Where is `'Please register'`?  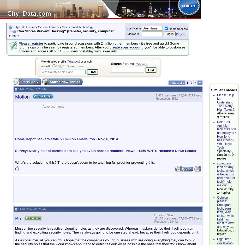
'Please register' is located at coordinates (31, 43).